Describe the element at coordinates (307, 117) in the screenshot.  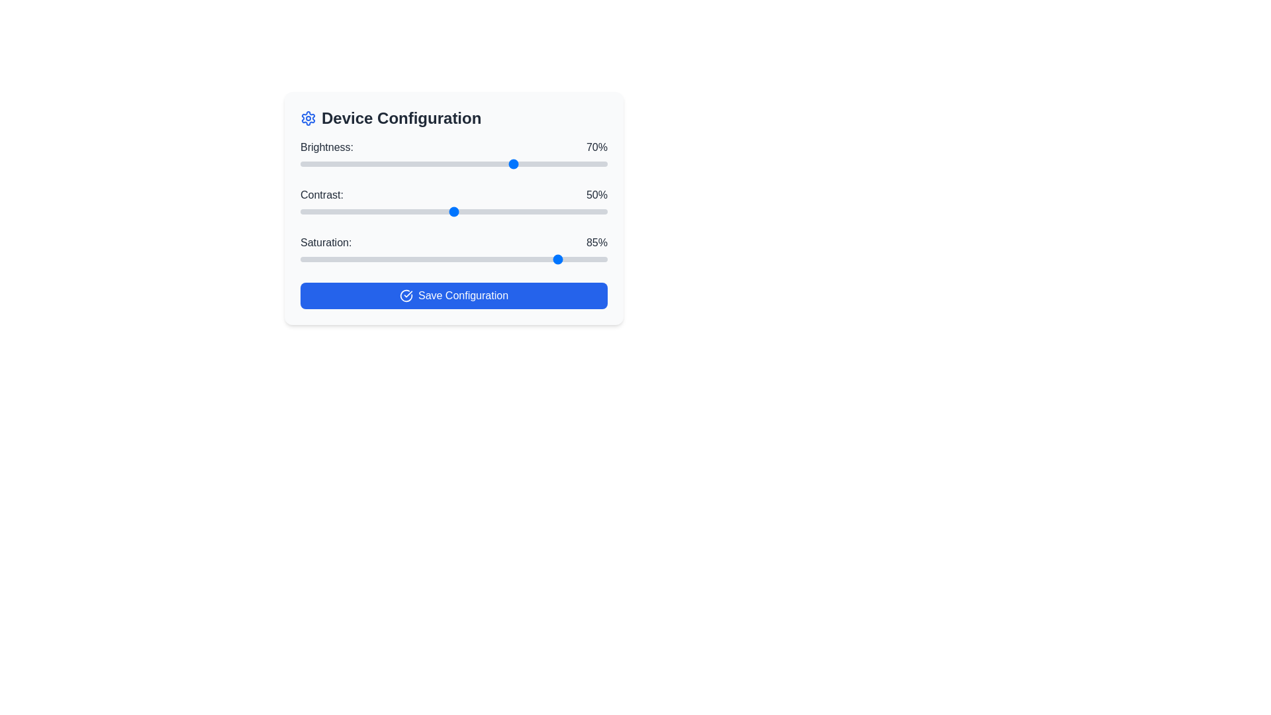
I see `the settings gear icon, which is a blue cogwheel located to the left of the 'Device Configuration' text` at that location.